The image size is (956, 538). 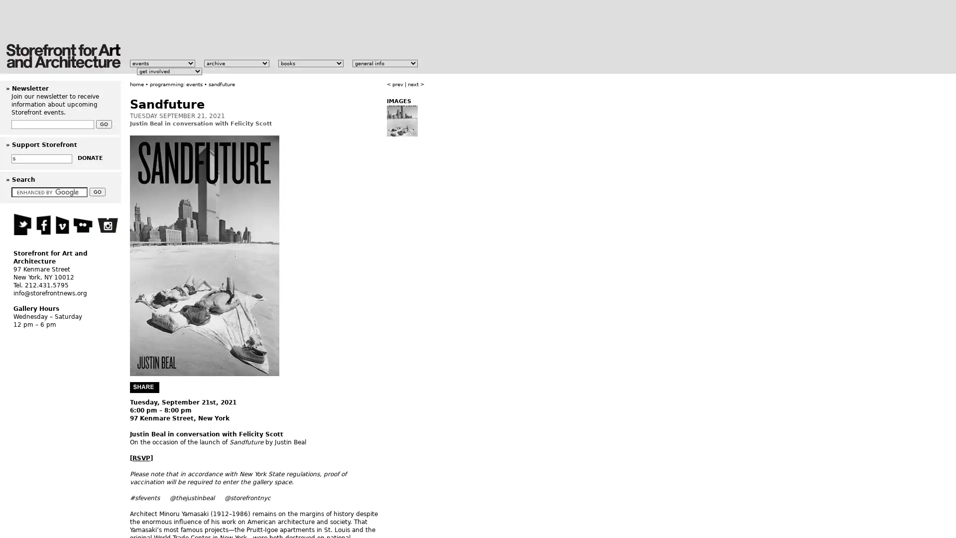 What do you see at coordinates (104, 124) in the screenshot?
I see `GO` at bounding box center [104, 124].